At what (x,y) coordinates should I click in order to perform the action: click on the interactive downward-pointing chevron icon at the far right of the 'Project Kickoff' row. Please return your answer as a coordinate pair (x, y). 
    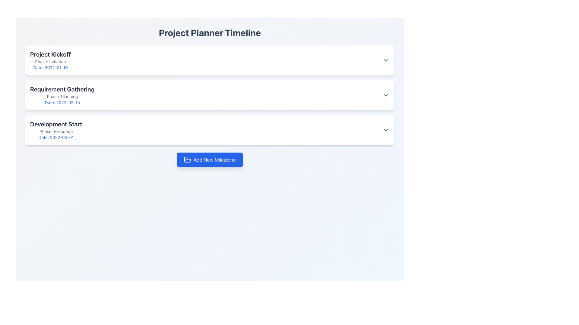
    Looking at the image, I should click on (386, 60).